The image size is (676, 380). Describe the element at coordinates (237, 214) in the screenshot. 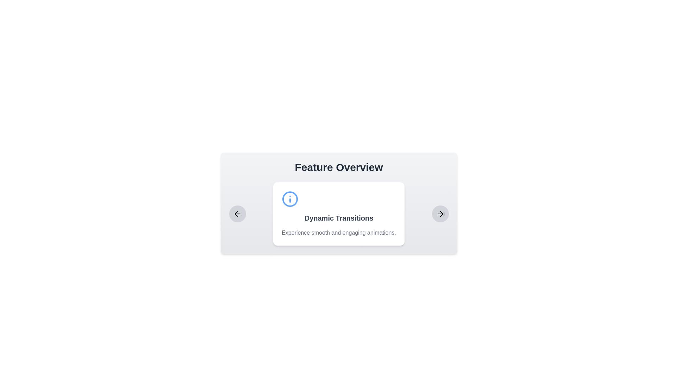

I see `the leftward arrow button with a light gray background and embedded SVG icon, which is positioned on the far left of the navigation panel` at that location.